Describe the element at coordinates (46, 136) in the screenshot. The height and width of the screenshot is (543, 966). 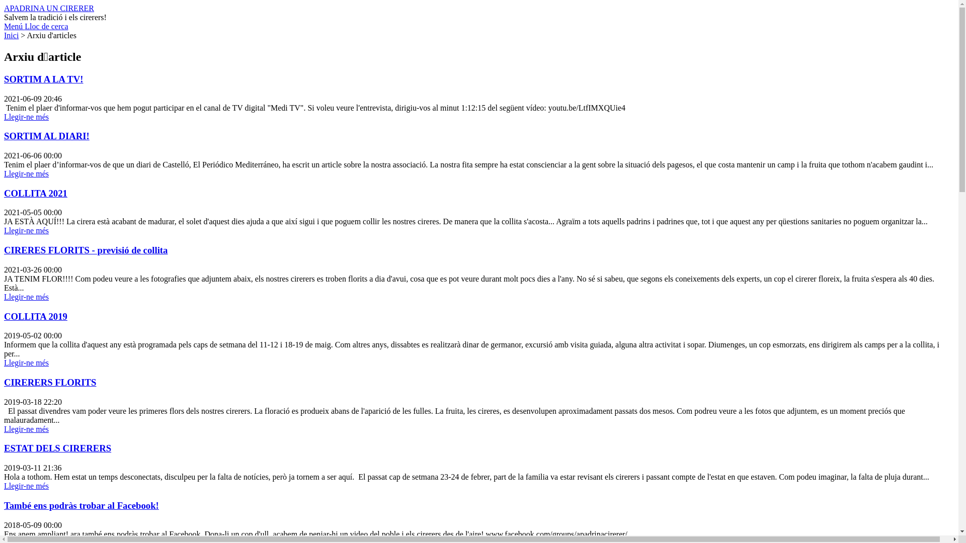
I see `'SORTIM AL DIARI!'` at that location.